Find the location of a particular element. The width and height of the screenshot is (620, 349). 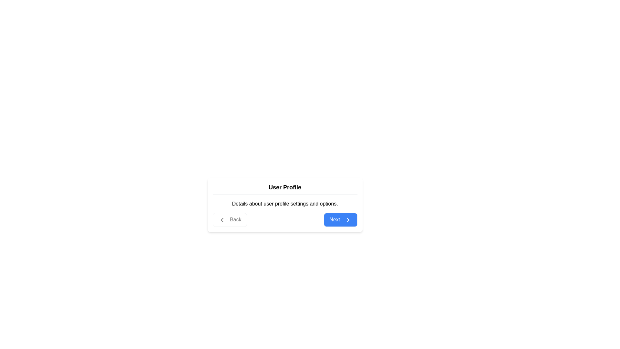

the rightward arrow icon styled as a chevron located inside the blue rectangular 'Next' button at the bottom right of the dialog box is located at coordinates (347, 219).